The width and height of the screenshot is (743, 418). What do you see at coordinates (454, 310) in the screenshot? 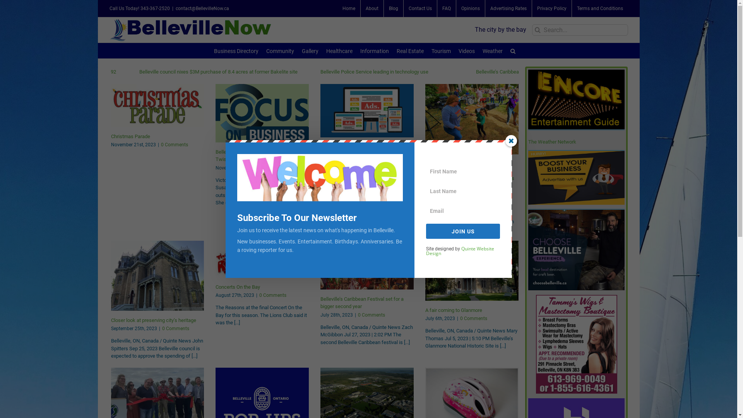
I see `'A fair coming to Glanmore'` at bounding box center [454, 310].